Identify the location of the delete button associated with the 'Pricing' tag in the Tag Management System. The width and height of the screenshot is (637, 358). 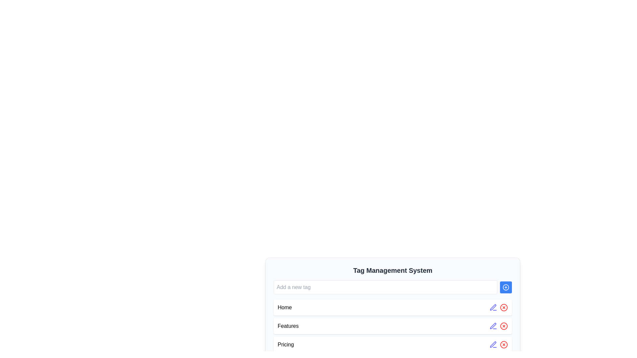
(504, 326).